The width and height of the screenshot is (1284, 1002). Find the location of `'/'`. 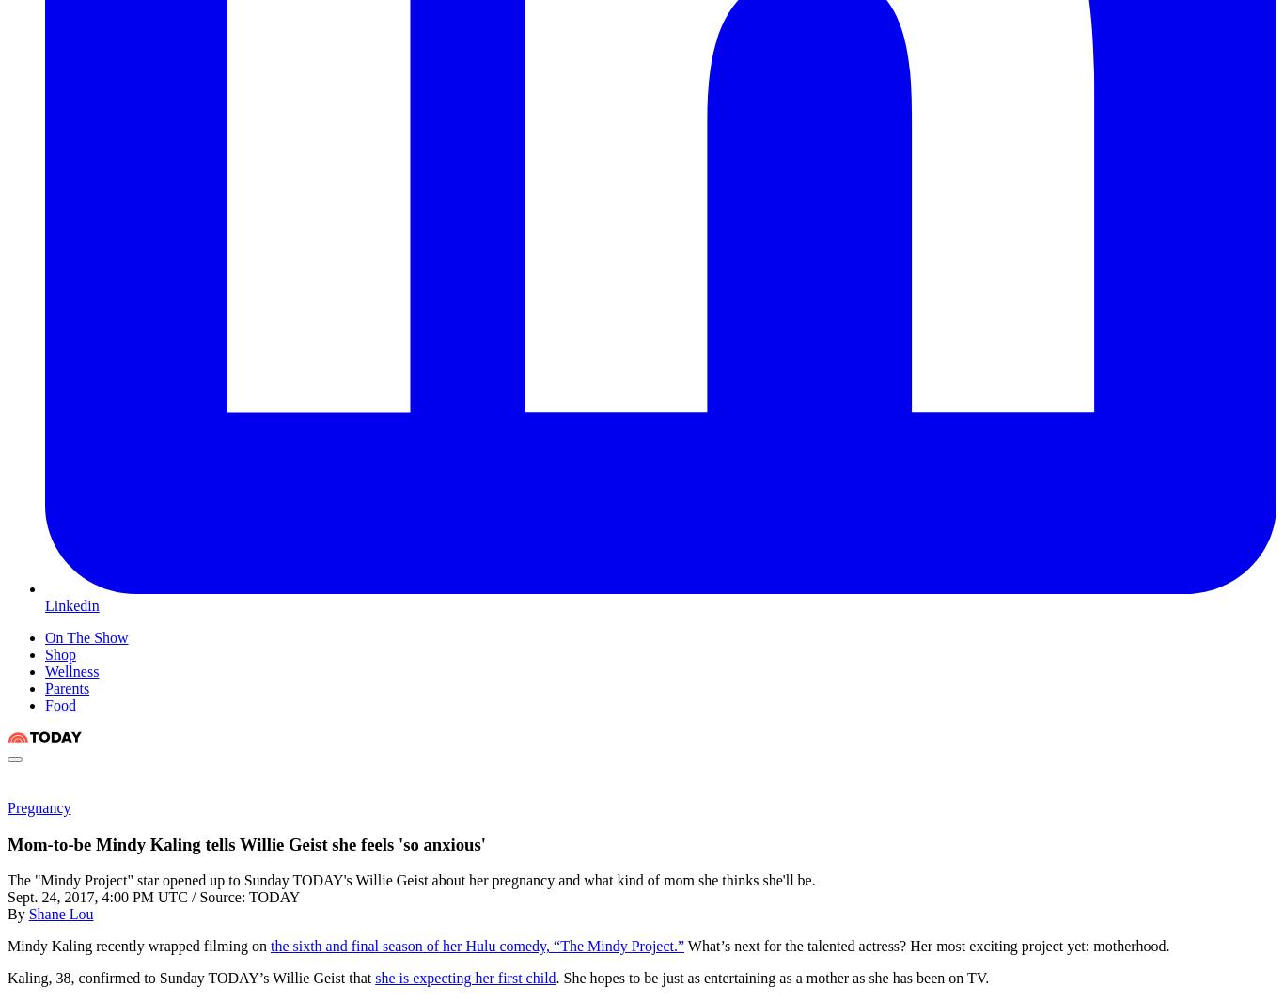

'/' is located at coordinates (192, 897).